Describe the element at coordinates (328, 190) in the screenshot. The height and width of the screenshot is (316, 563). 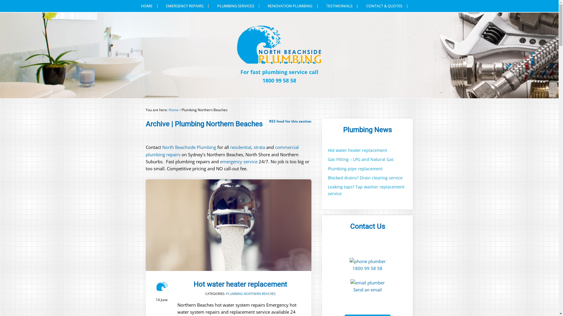
I see `'Leaking taps? Tap washer replacement service'` at that location.